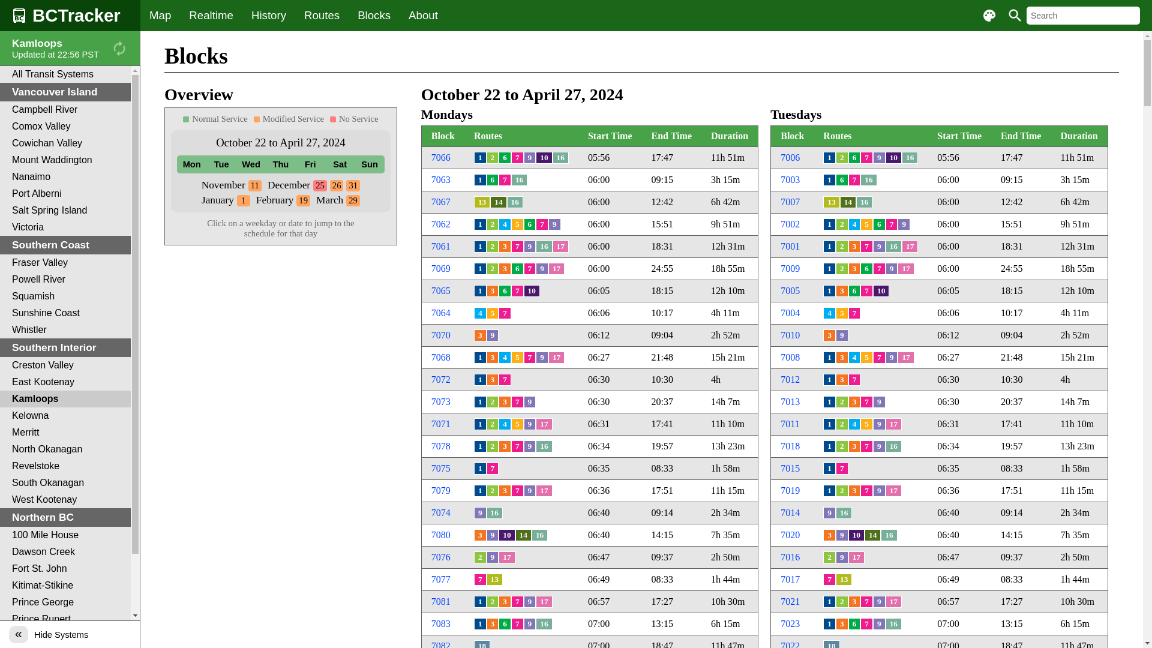  What do you see at coordinates (431, 290) in the screenshot?
I see `'7065'` at bounding box center [431, 290].